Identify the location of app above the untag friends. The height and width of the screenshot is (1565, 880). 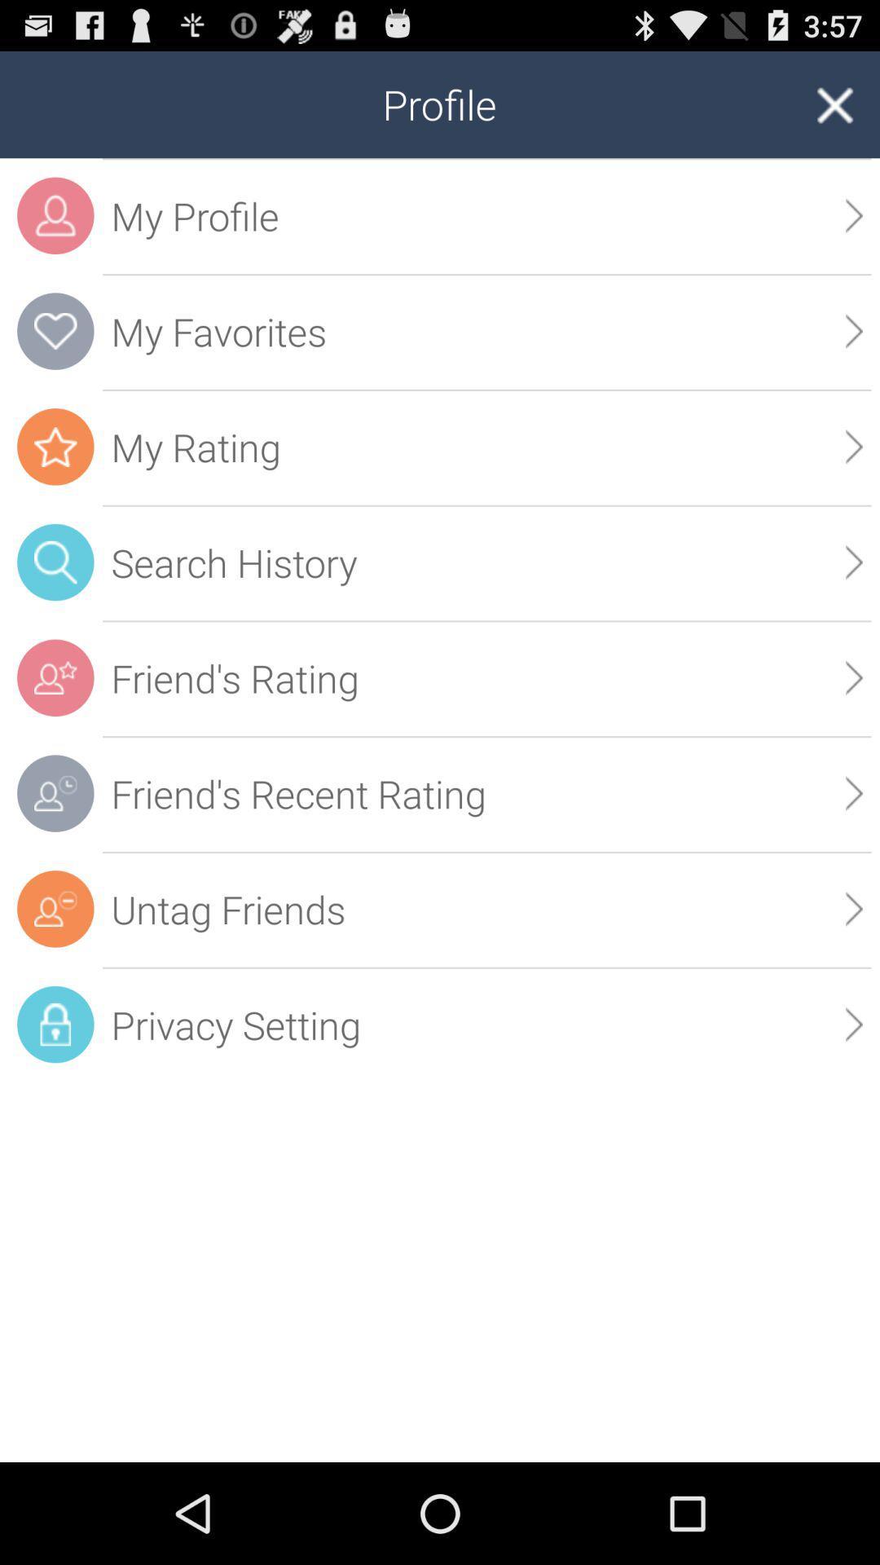
(853, 793).